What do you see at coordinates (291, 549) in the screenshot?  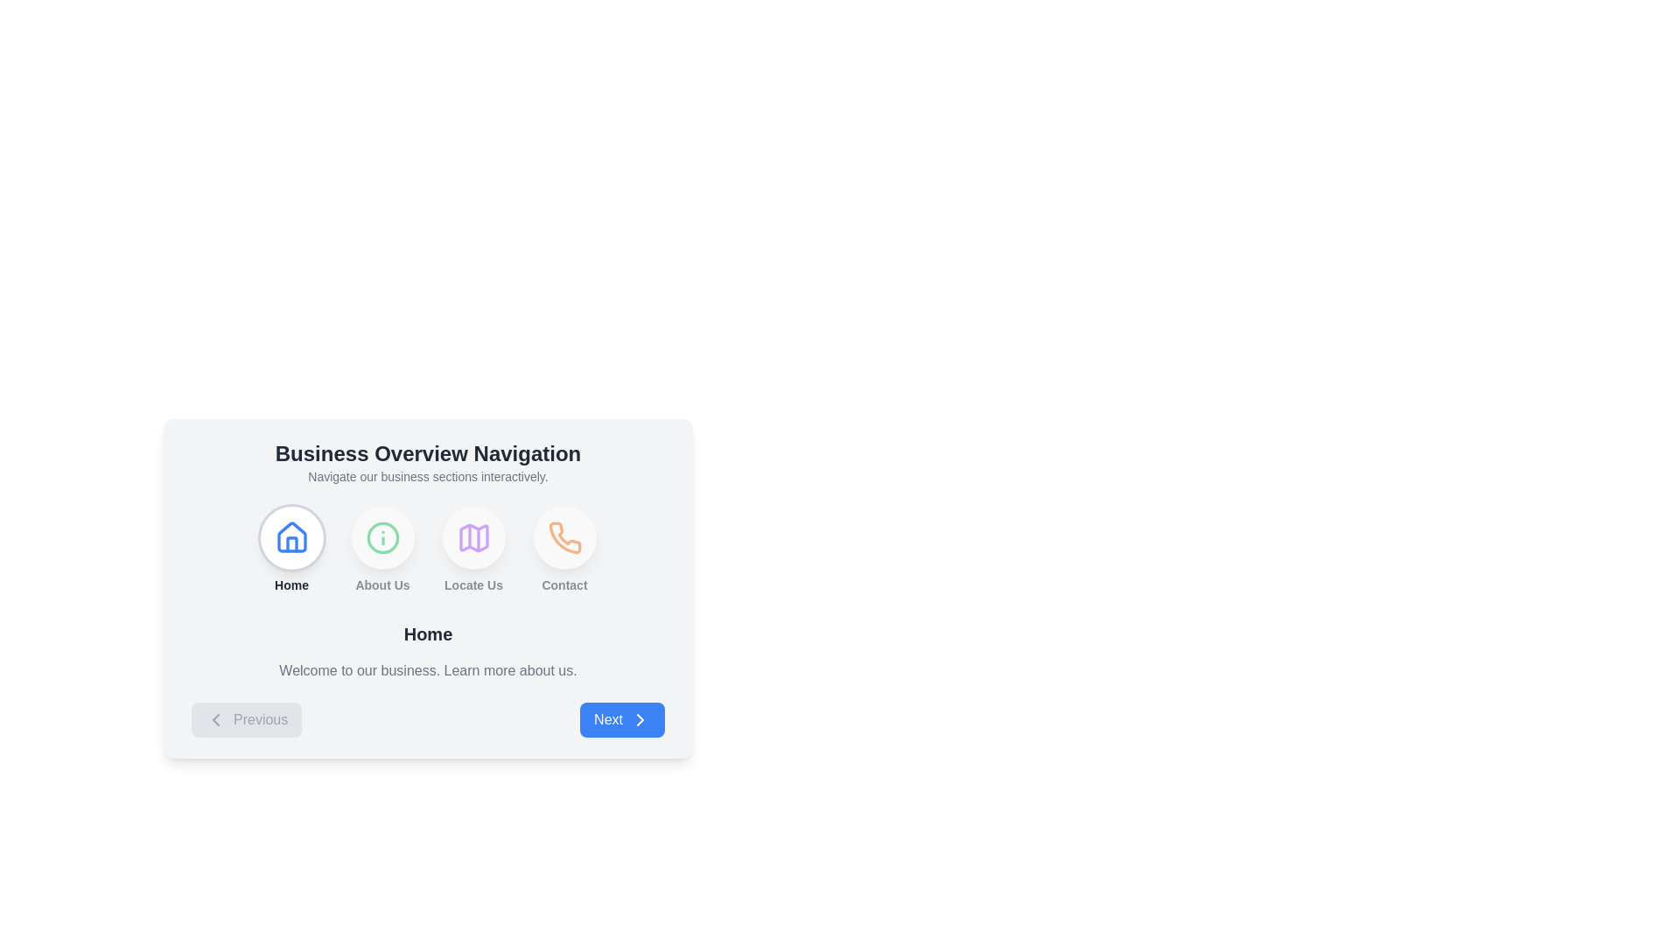 I see `the 'Home' navigation button located at the bottom center of the interface, which is the first button in a sequence of four horizontally aligned buttons` at bounding box center [291, 549].